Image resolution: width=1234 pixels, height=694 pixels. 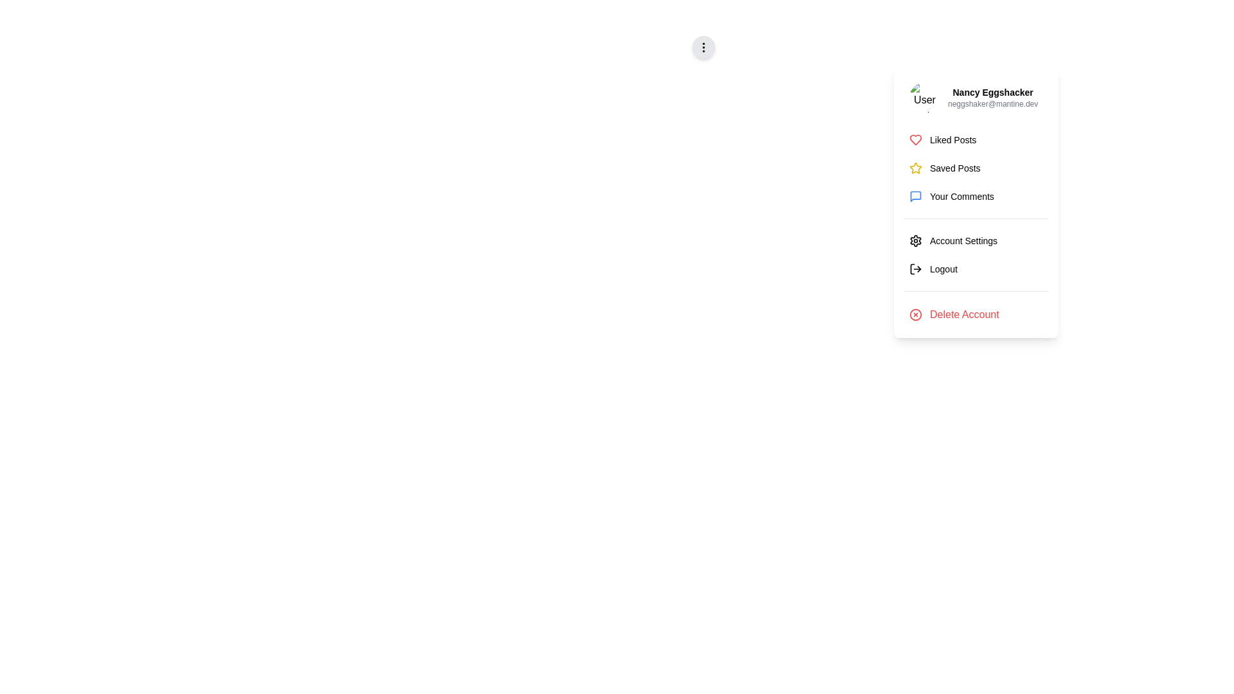 I want to click on the circular button with a vertical ellipsis icon located at the center of the top bar, so click(x=702, y=46).